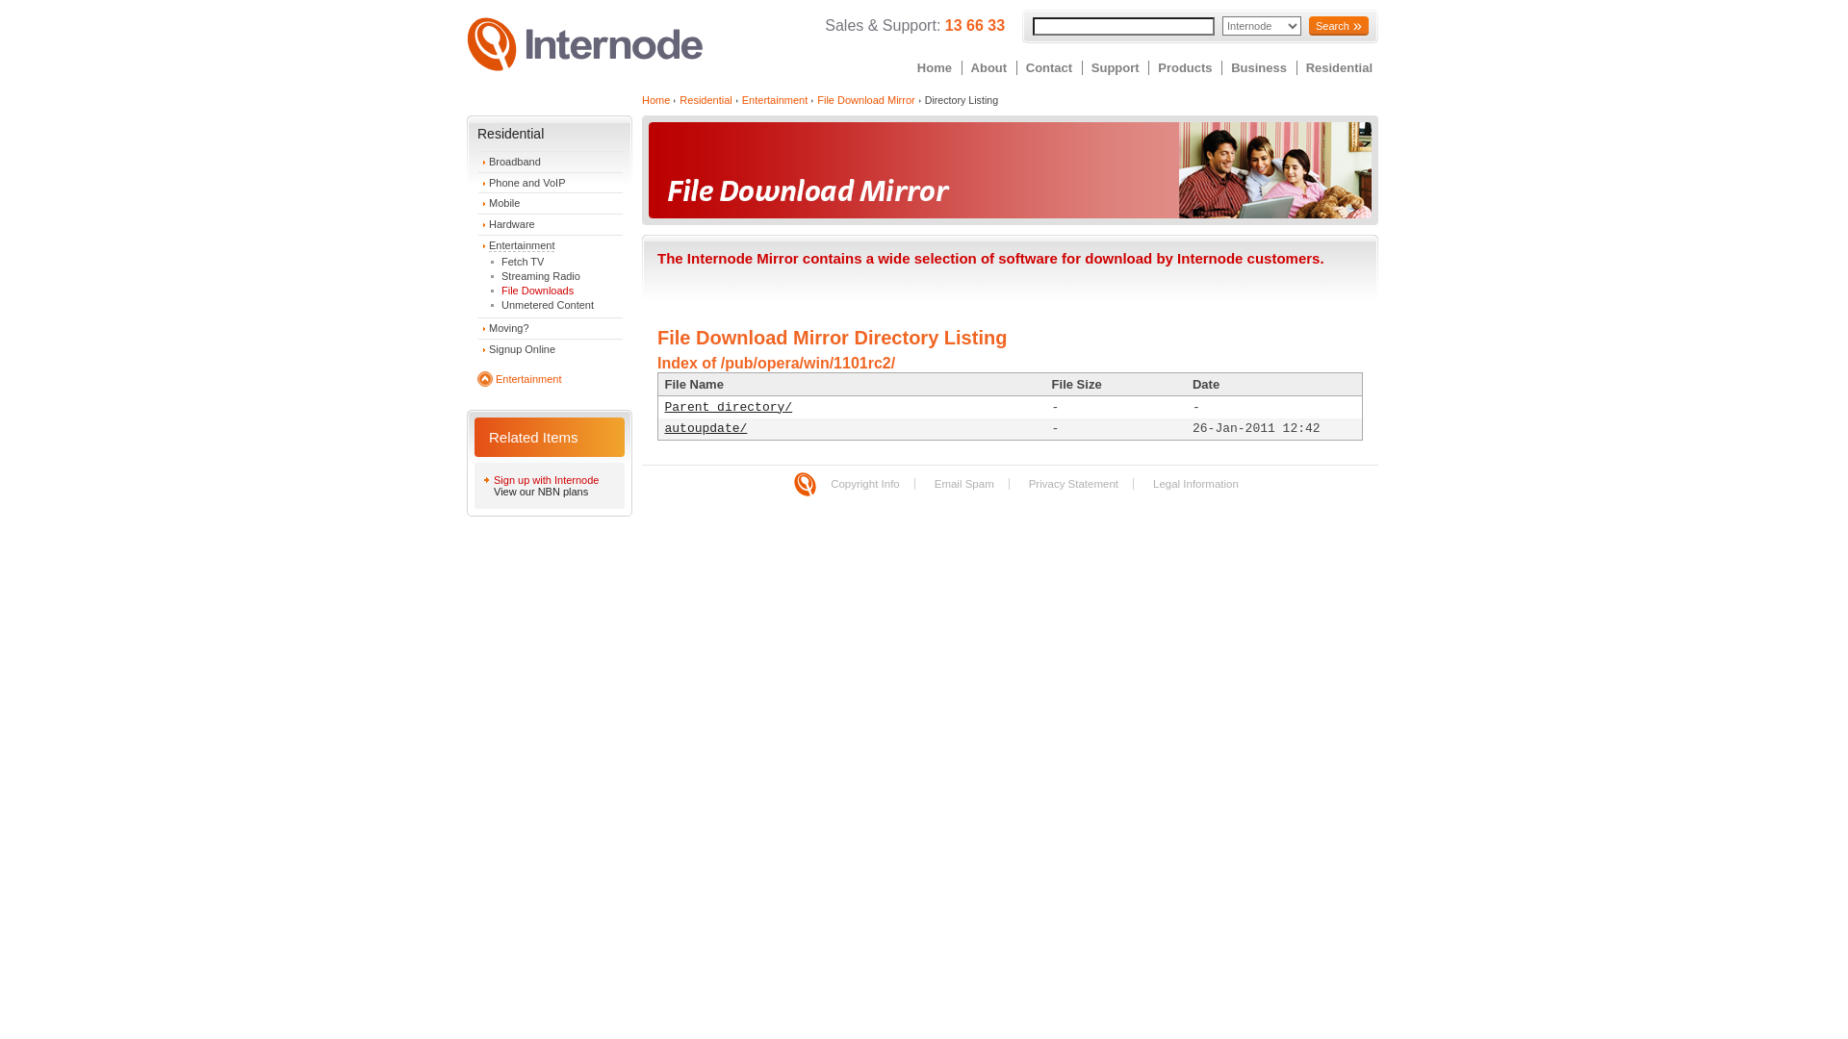 This screenshot has width=1848, height=1039. What do you see at coordinates (1115, 66) in the screenshot?
I see `'Support'` at bounding box center [1115, 66].